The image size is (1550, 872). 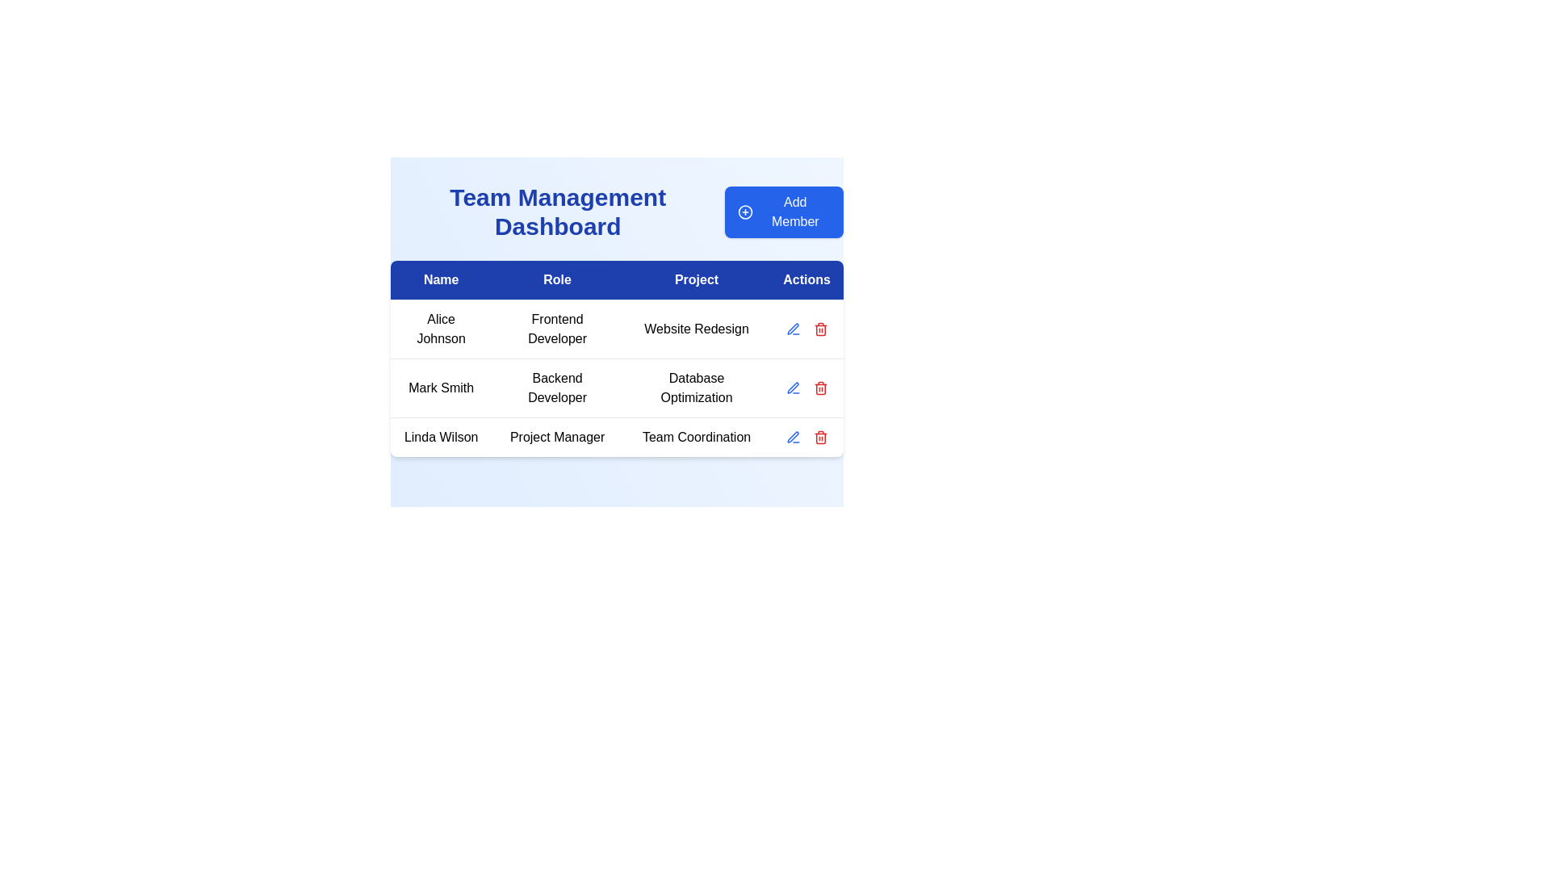 What do you see at coordinates (745, 211) in the screenshot?
I see `the decorative circle shape located at the top-right corner near the 'Add Member' button` at bounding box center [745, 211].